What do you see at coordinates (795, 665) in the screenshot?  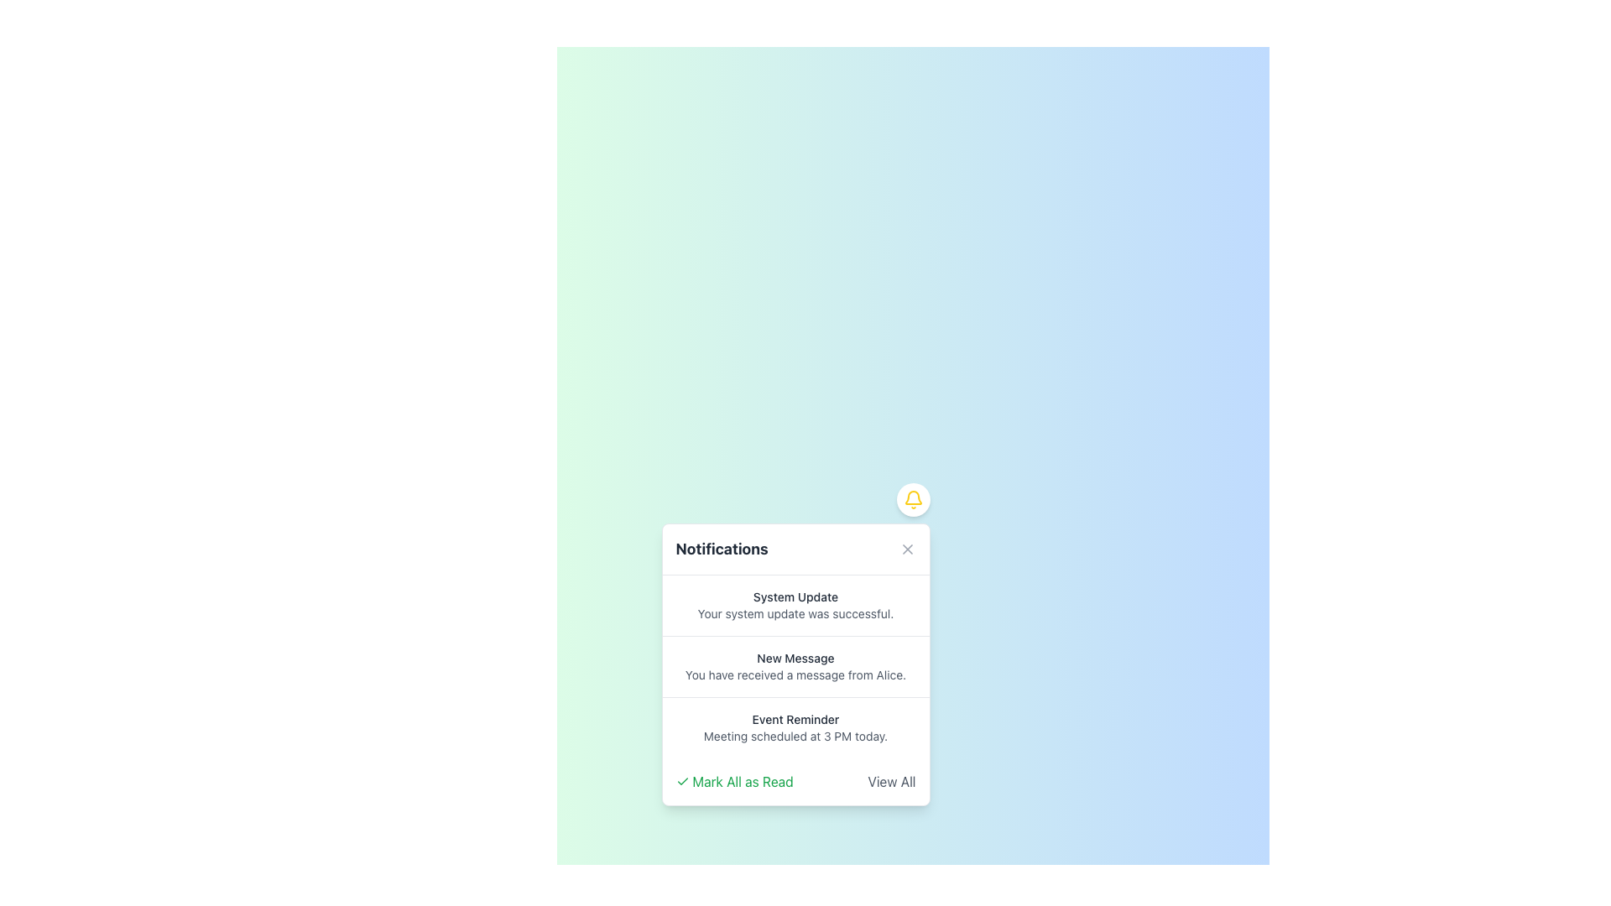 I see `the Notification Item labeled 'New Message' which contains the subtext 'You have received a message from Alice.'` at bounding box center [795, 665].